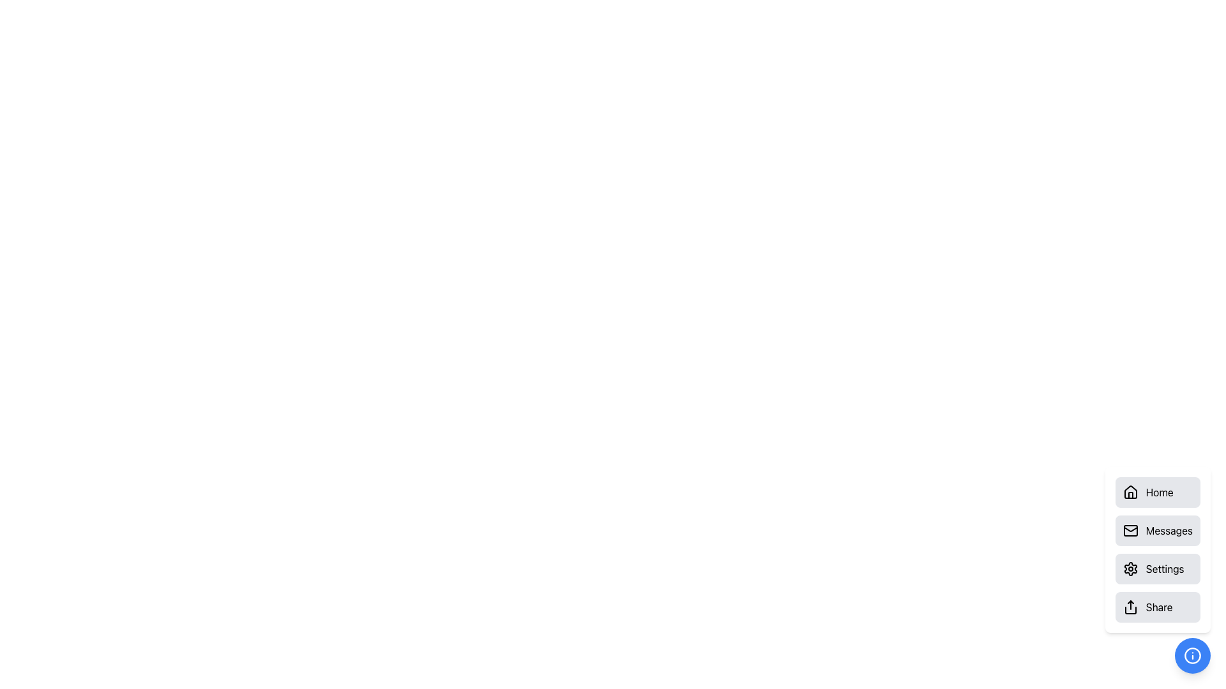  What do you see at coordinates (1169, 531) in the screenshot?
I see `the text label 'Messages' which is located to the right of the mail icon within the second button in a vertical stack of options` at bounding box center [1169, 531].